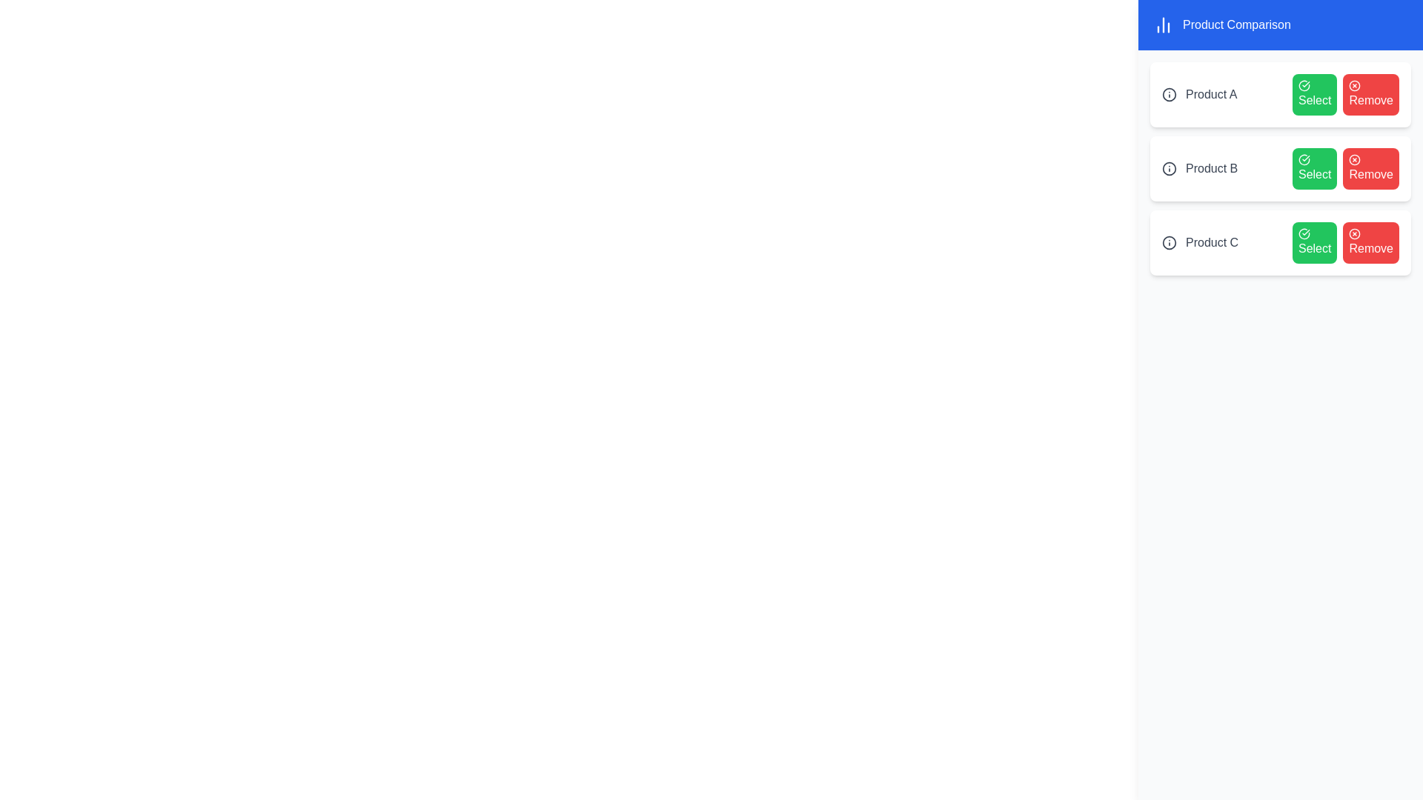 Image resolution: width=1423 pixels, height=800 pixels. I want to click on 'Remove' button next to the product named Product C, so click(1370, 241).